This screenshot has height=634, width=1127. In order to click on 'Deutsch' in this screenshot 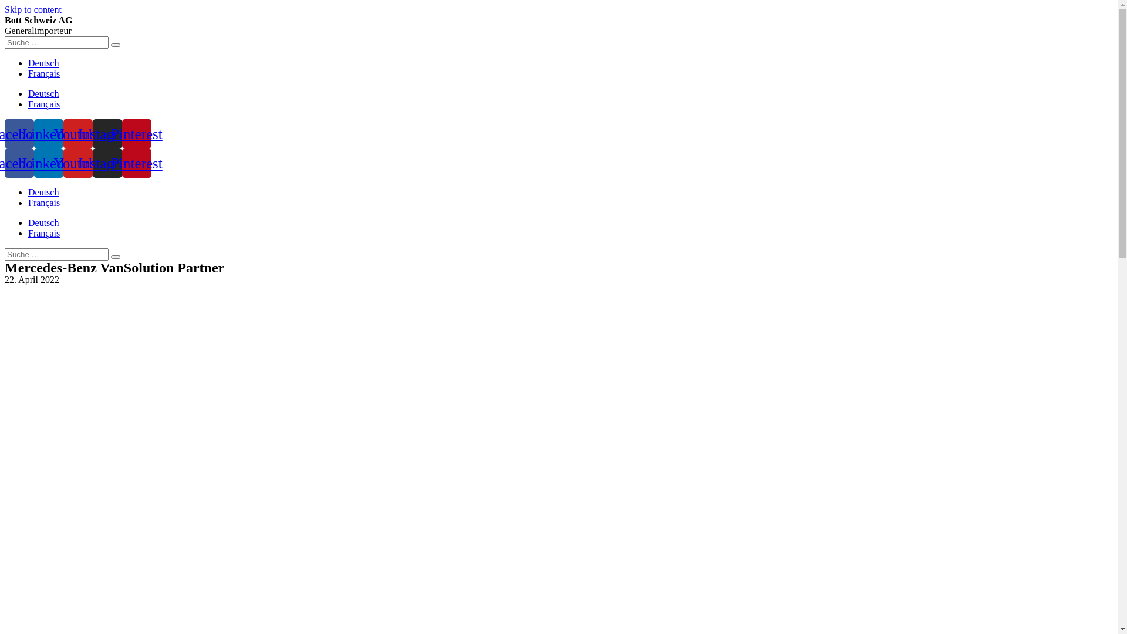, I will do `click(43, 63)`.